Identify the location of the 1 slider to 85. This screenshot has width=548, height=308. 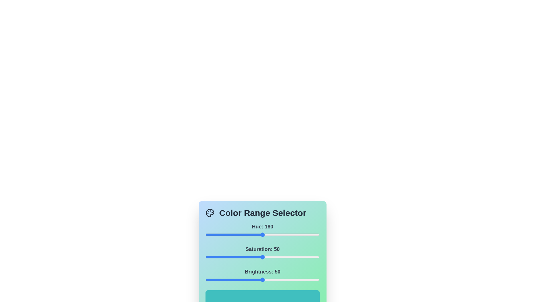
(302, 257).